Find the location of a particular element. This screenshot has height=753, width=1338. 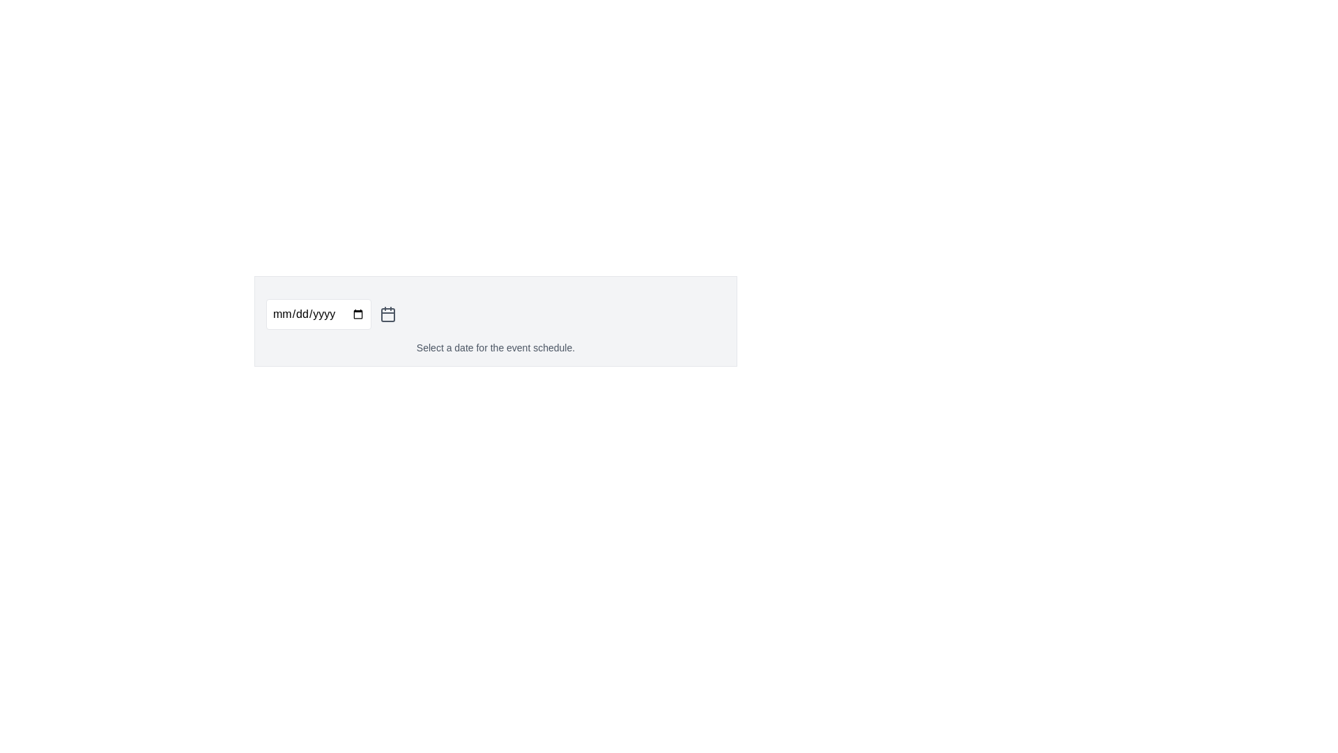

the text input field for date entry to focus and type a date is located at coordinates (318, 314).